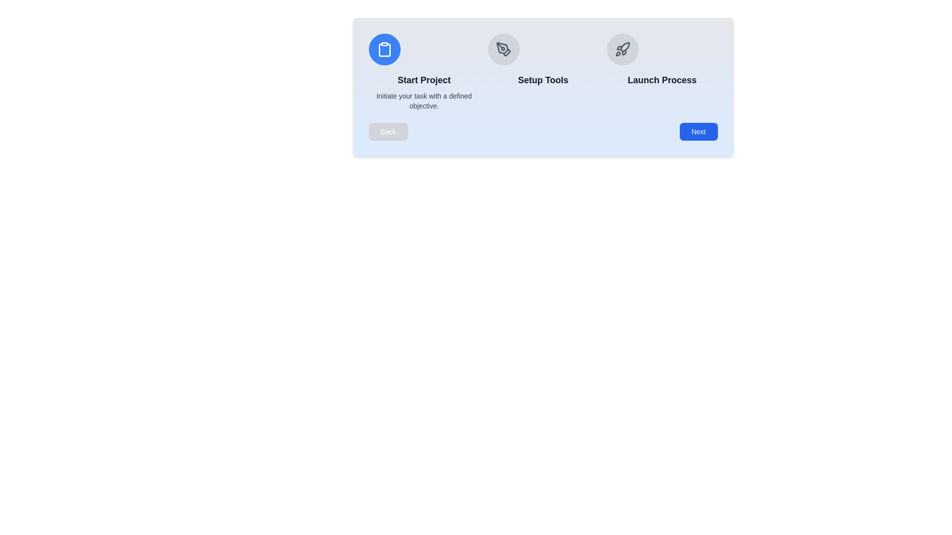 Image resolution: width=952 pixels, height=535 pixels. What do you see at coordinates (698, 131) in the screenshot?
I see `the 'Next' button to advance to the next step` at bounding box center [698, 131].